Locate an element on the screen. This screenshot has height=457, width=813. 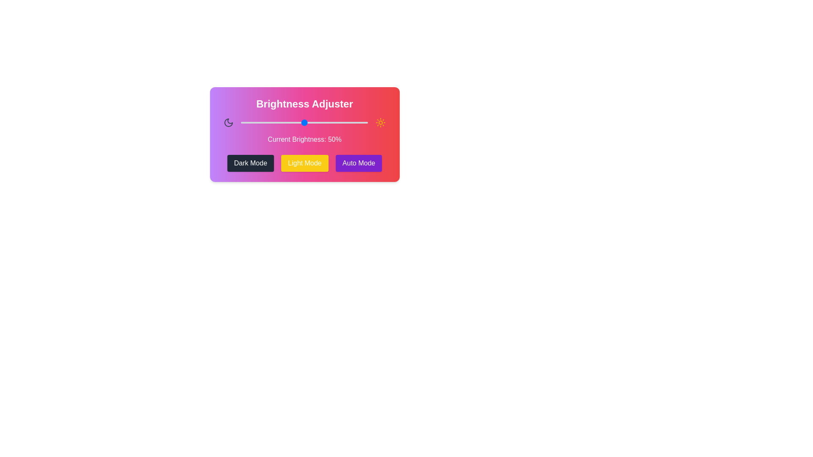
the brightness to 67% by dragging the slider handle is located at coordinates (326, 122).